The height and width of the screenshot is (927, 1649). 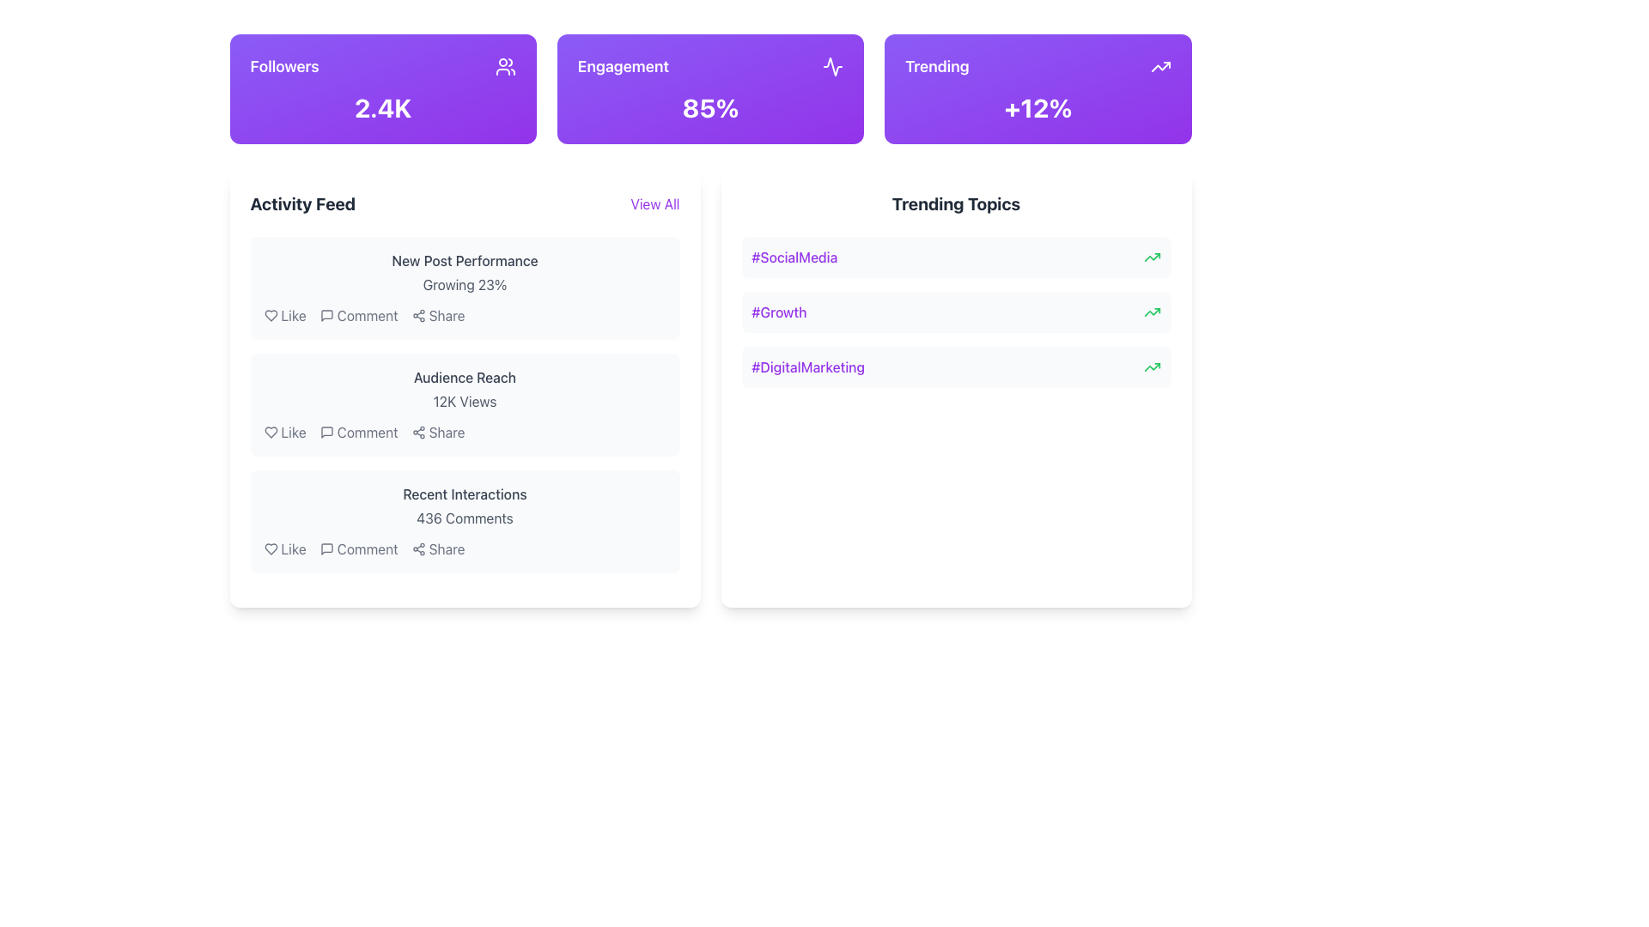 What do you see at coordinates (367, 432) in the screenshot?
I see `the 'Comment' label in the 'Activity Feed' section, positioned next to the chat bubble icon and left of the 'Share' button` at bounding box center [367, 432].